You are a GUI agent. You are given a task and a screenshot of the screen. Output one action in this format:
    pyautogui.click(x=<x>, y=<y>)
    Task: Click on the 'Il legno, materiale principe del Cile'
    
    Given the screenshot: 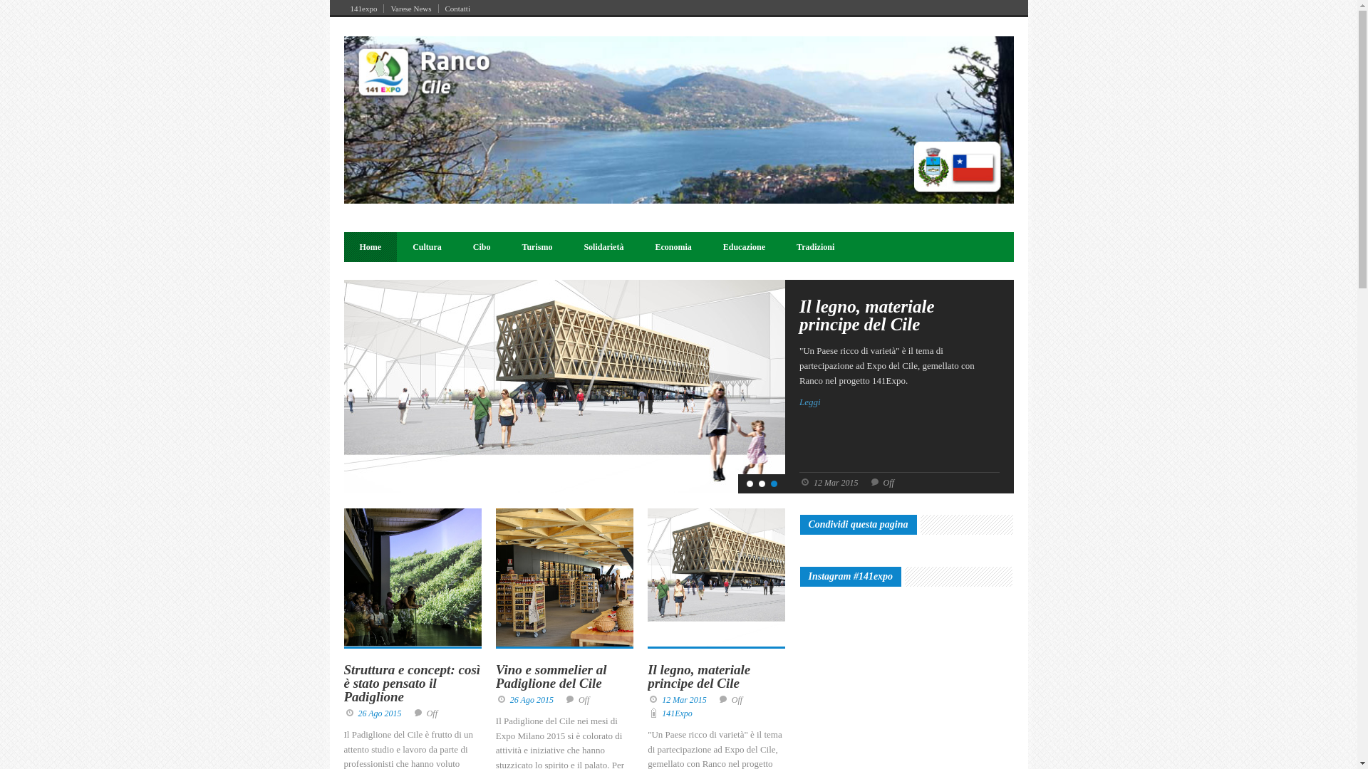 What is the action you would take?
    pyautogui.click(x=646, y=675)
    